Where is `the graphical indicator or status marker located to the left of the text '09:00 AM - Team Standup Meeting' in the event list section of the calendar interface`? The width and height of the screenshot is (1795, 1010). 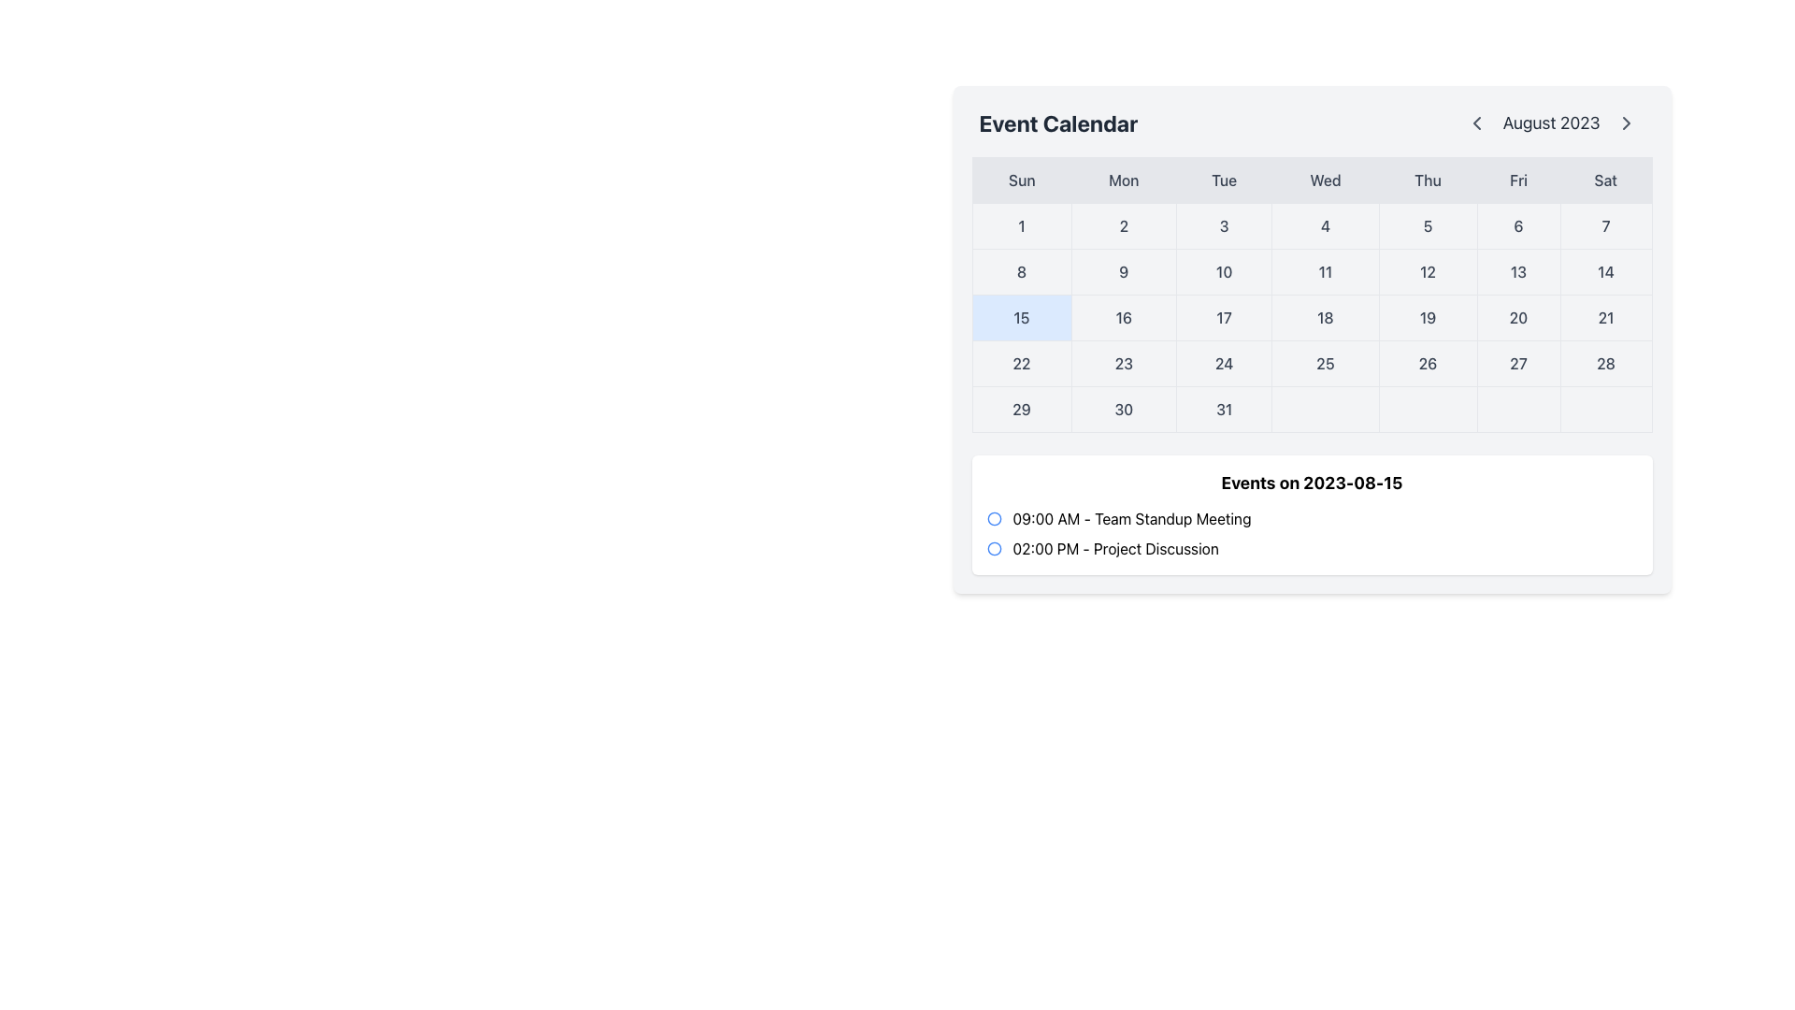
the graphical indicator or status marker located to the left of the text '09:00 AM - Team Standup Meeting' in the event list section of the calendar interface is located at coordinates (993, 519).